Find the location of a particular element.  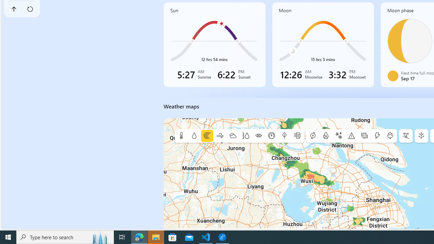

'Visibility' is located at coordinates (258, 136).